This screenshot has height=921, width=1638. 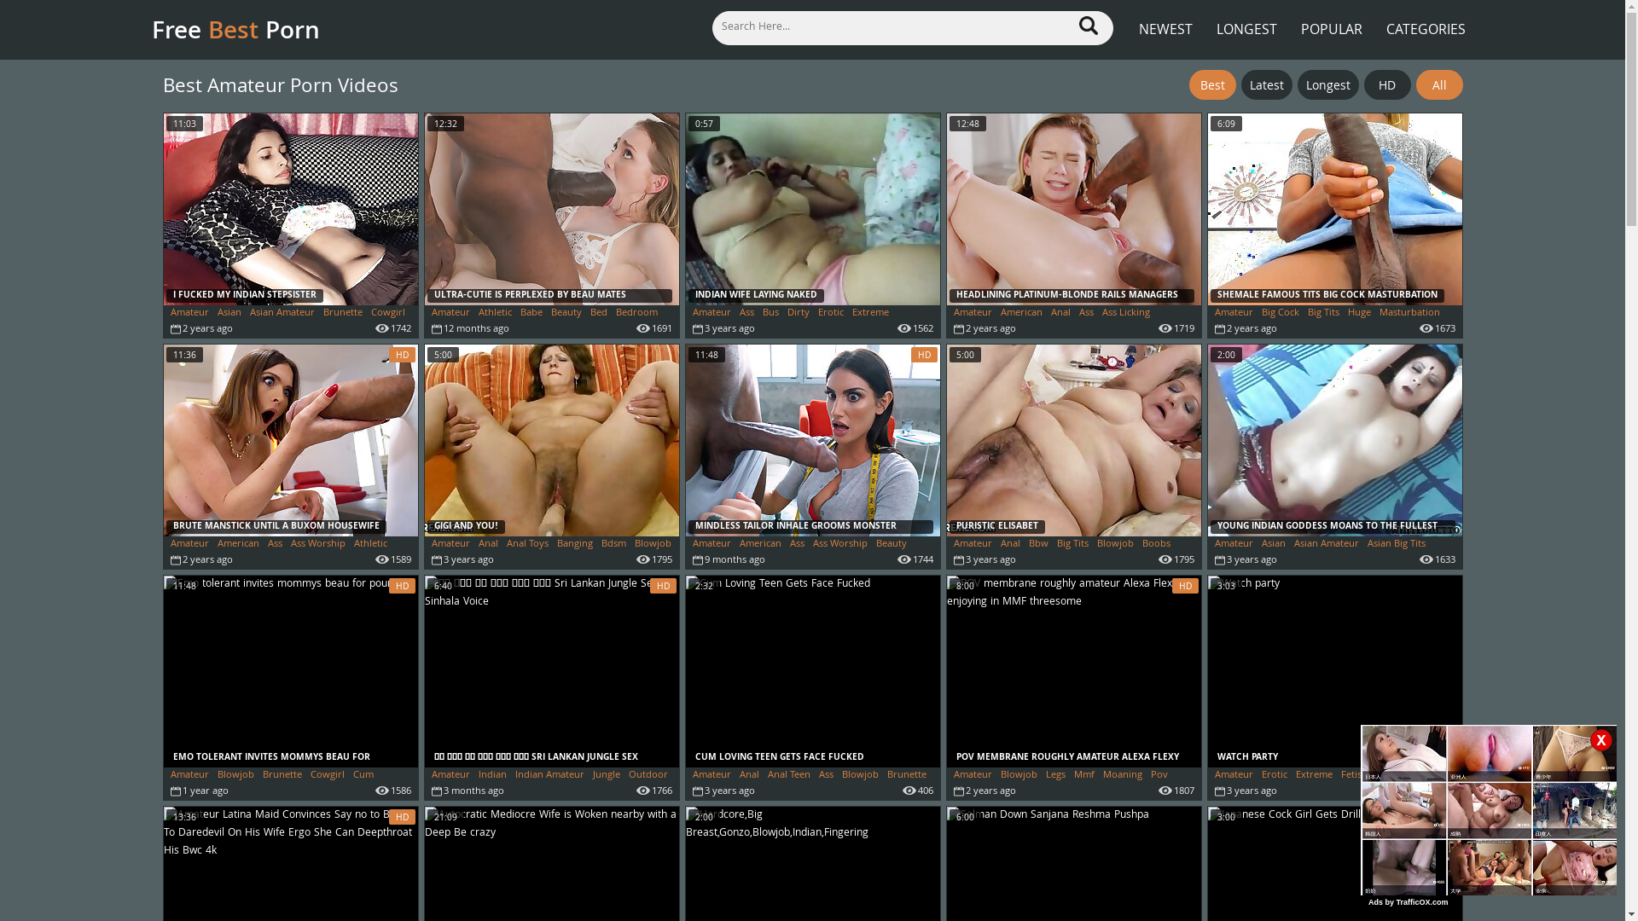 What do you see at coordinates (1279, 313) in the screenshot?
I see `'Big Cock'` at bounding box center [1279, 313].